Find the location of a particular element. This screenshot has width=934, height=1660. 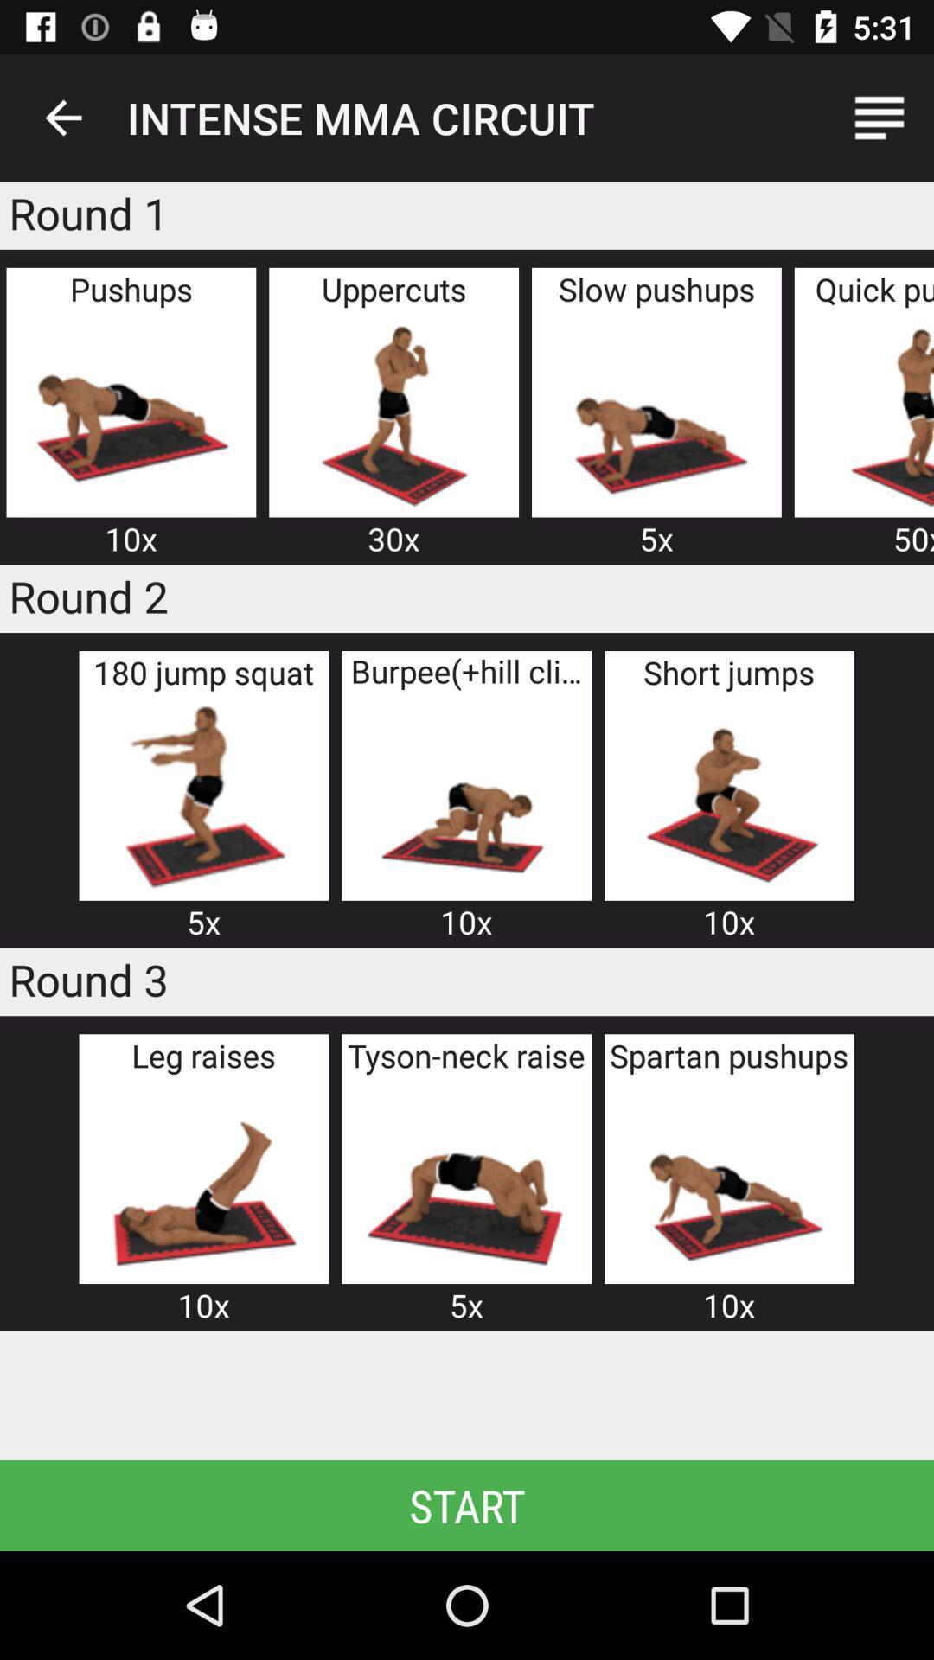

item above the 30x is located at coordinates (393, 412).